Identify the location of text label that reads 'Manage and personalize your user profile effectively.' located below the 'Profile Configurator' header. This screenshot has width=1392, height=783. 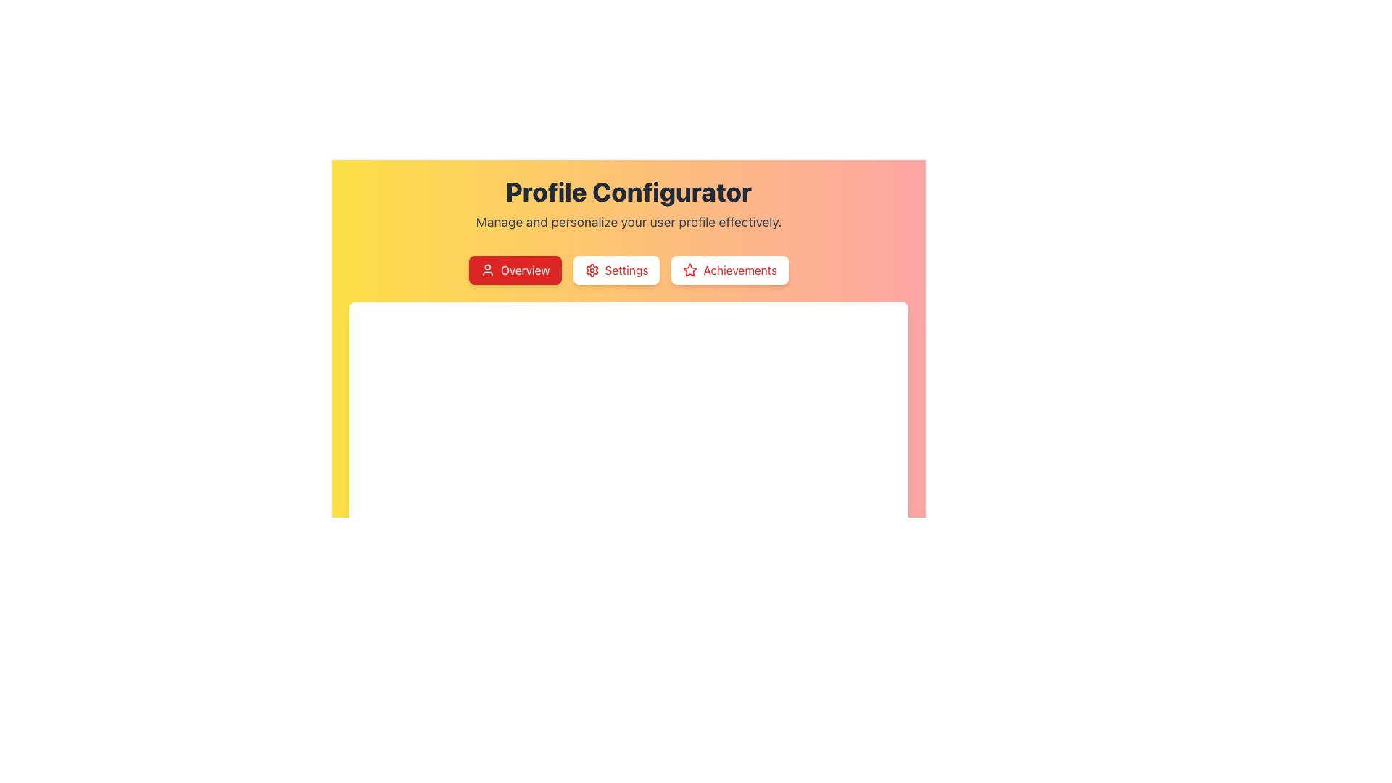
(629, 223).